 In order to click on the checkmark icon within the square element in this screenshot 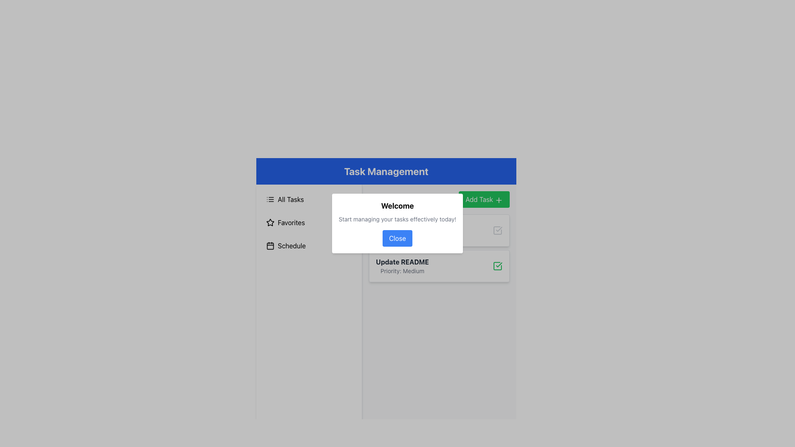, I will do `click(499, 265)`.